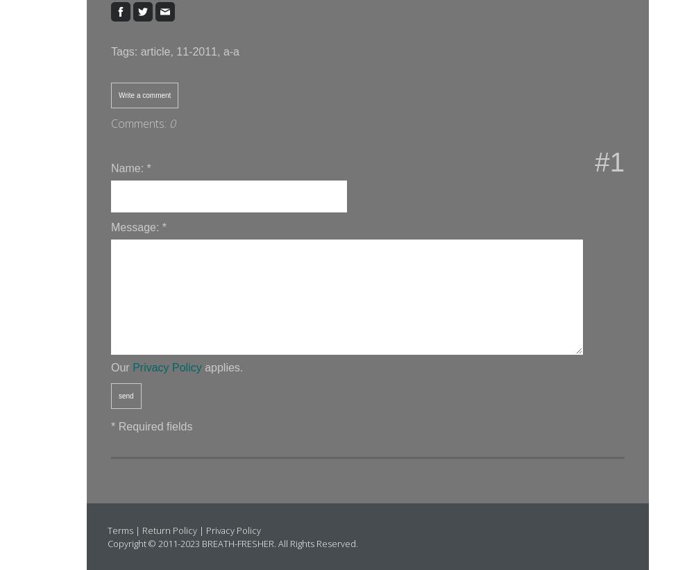 The height and width of the screenshot is (570, 694). I want to click on 'Our', so click(121, 367).